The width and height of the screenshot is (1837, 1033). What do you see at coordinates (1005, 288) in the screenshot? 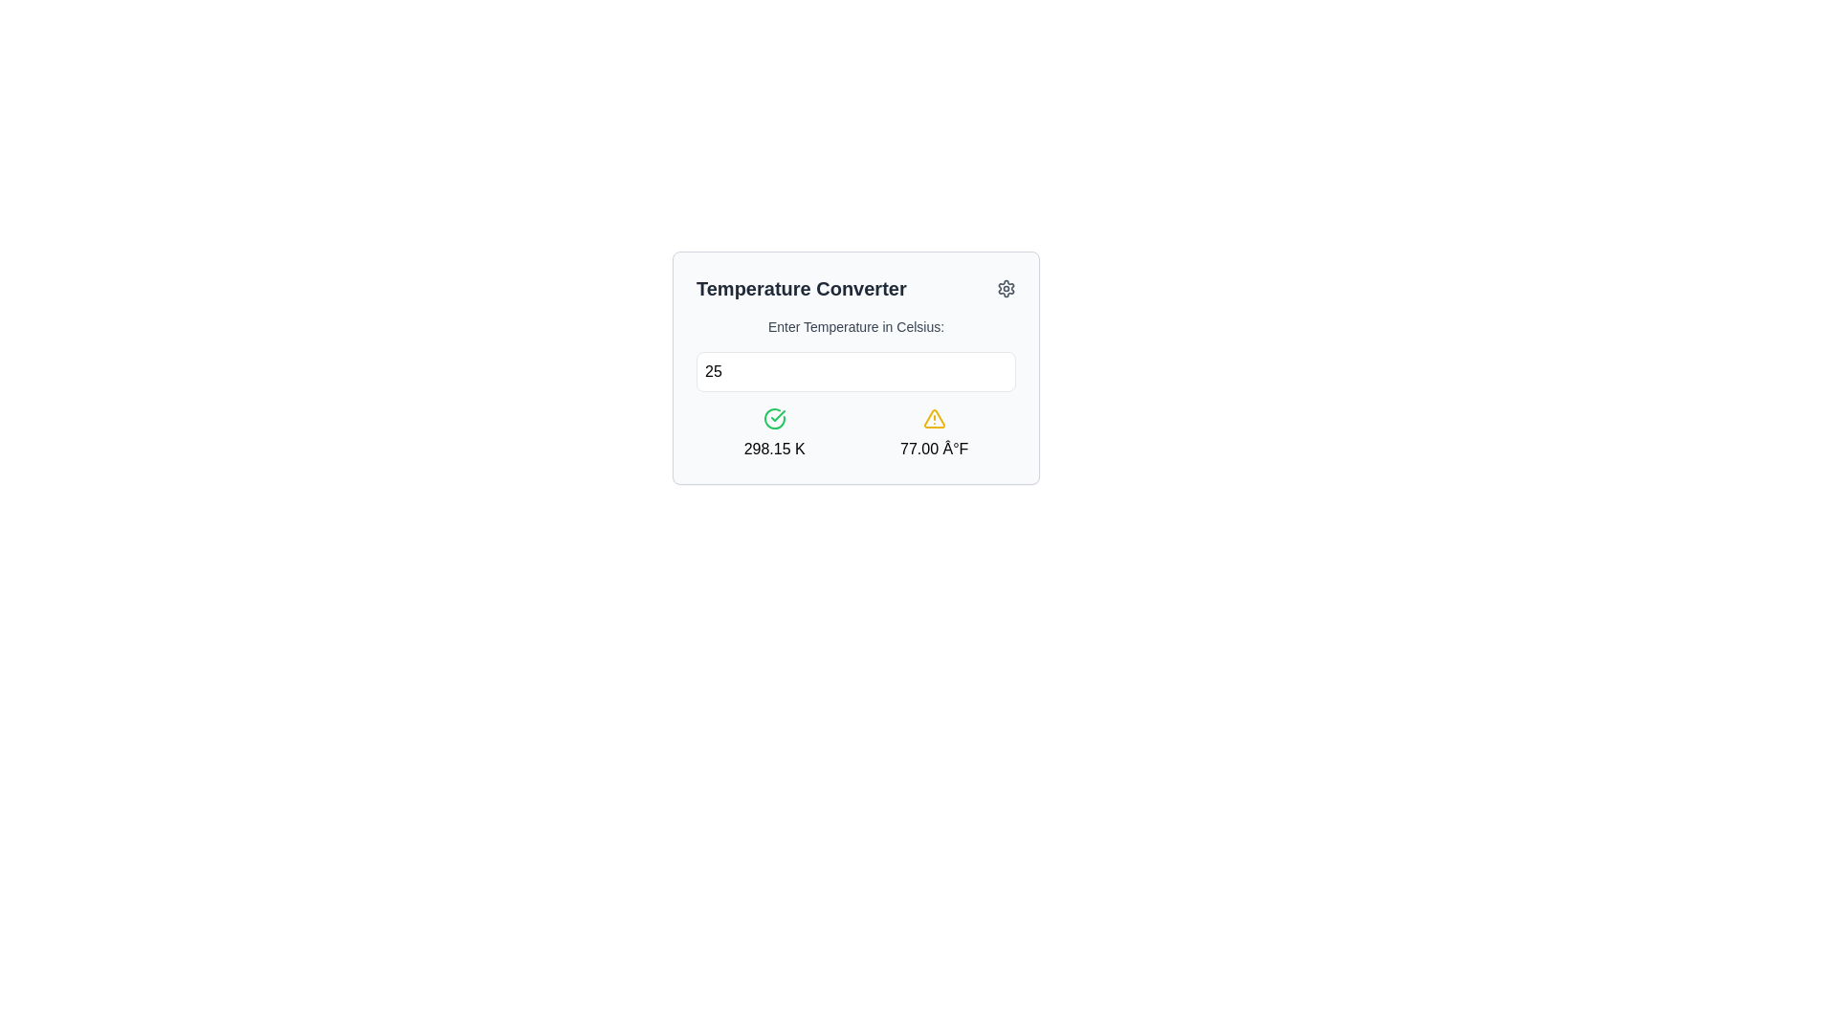
I see `the Settings Cogwheel icon located at the upper-right corner of the Temperature Converter card` at bounding box center [1005, 288].